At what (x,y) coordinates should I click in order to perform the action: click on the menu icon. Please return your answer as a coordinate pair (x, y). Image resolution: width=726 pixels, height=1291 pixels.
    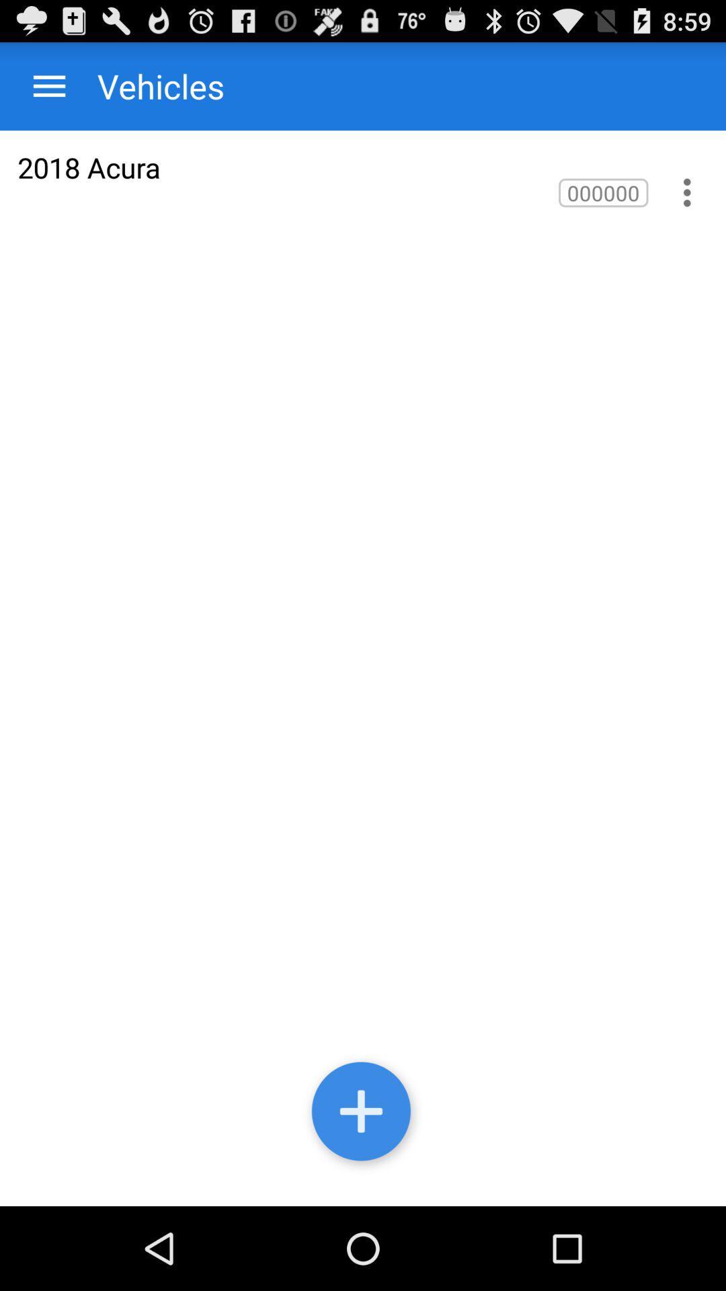
    Looking at the image, I should click on (48, 91).